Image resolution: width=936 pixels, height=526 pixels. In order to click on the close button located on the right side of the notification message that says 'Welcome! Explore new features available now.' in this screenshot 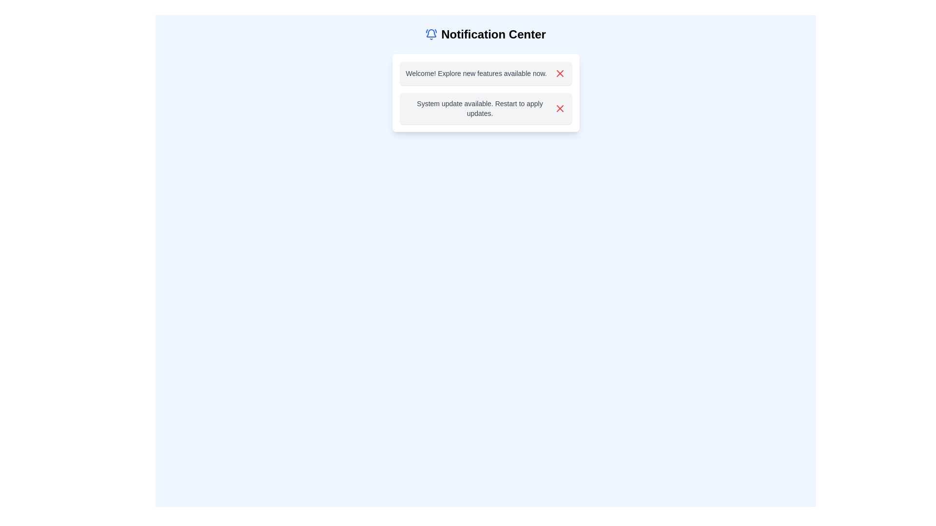, I will do `click(560, 73)`.